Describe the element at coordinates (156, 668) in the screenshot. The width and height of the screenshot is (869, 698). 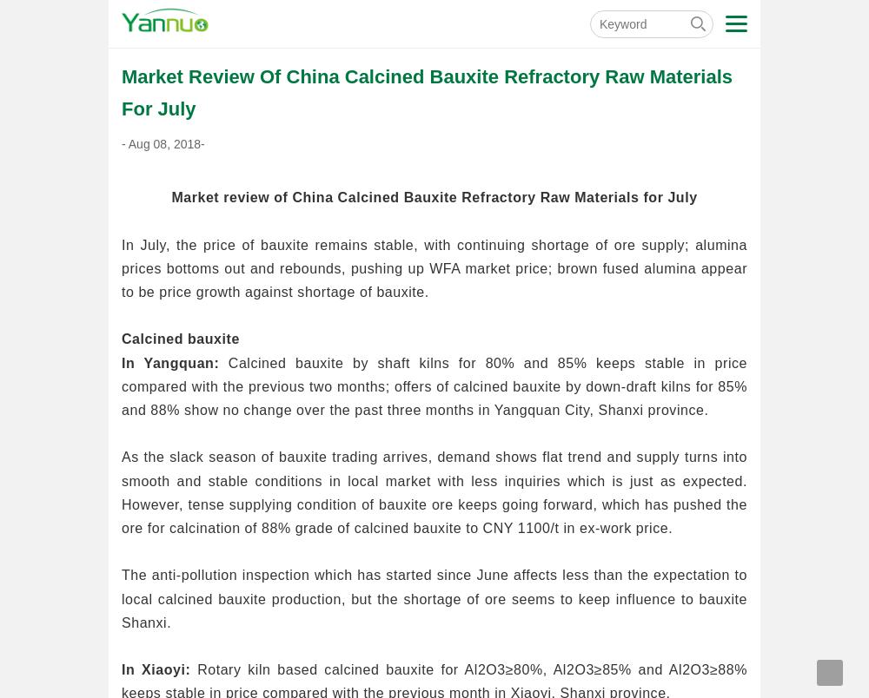
I see `'In Xiaoyi:'` at that location.